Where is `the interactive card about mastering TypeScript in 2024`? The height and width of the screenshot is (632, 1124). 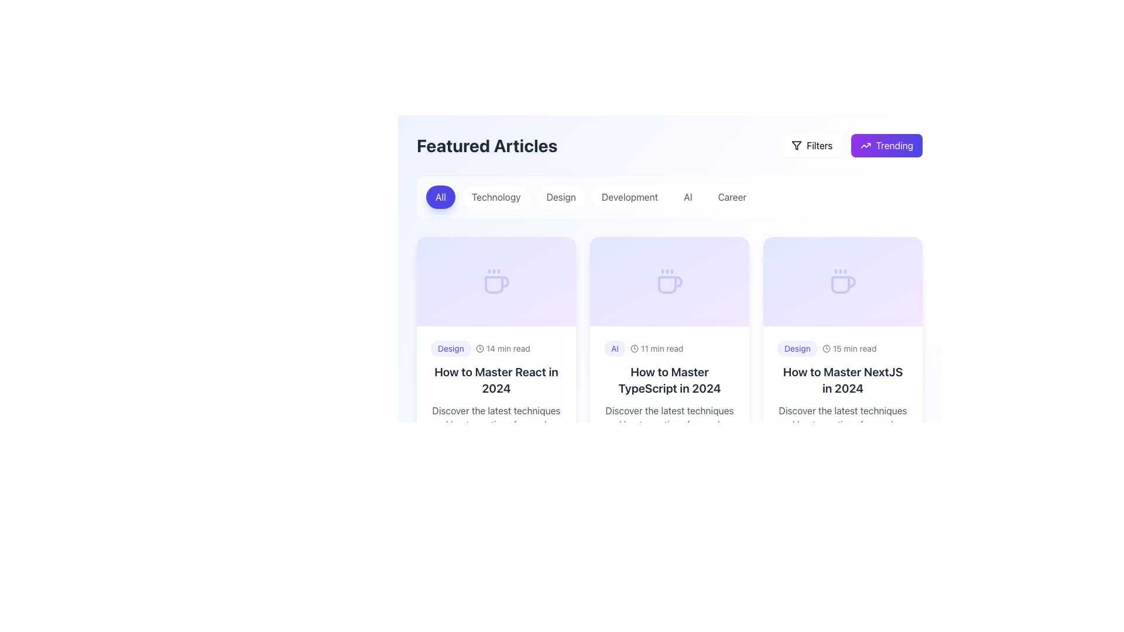 the interactive card about mastering TypeScript in 2024 is located at coordinates (669, 355).